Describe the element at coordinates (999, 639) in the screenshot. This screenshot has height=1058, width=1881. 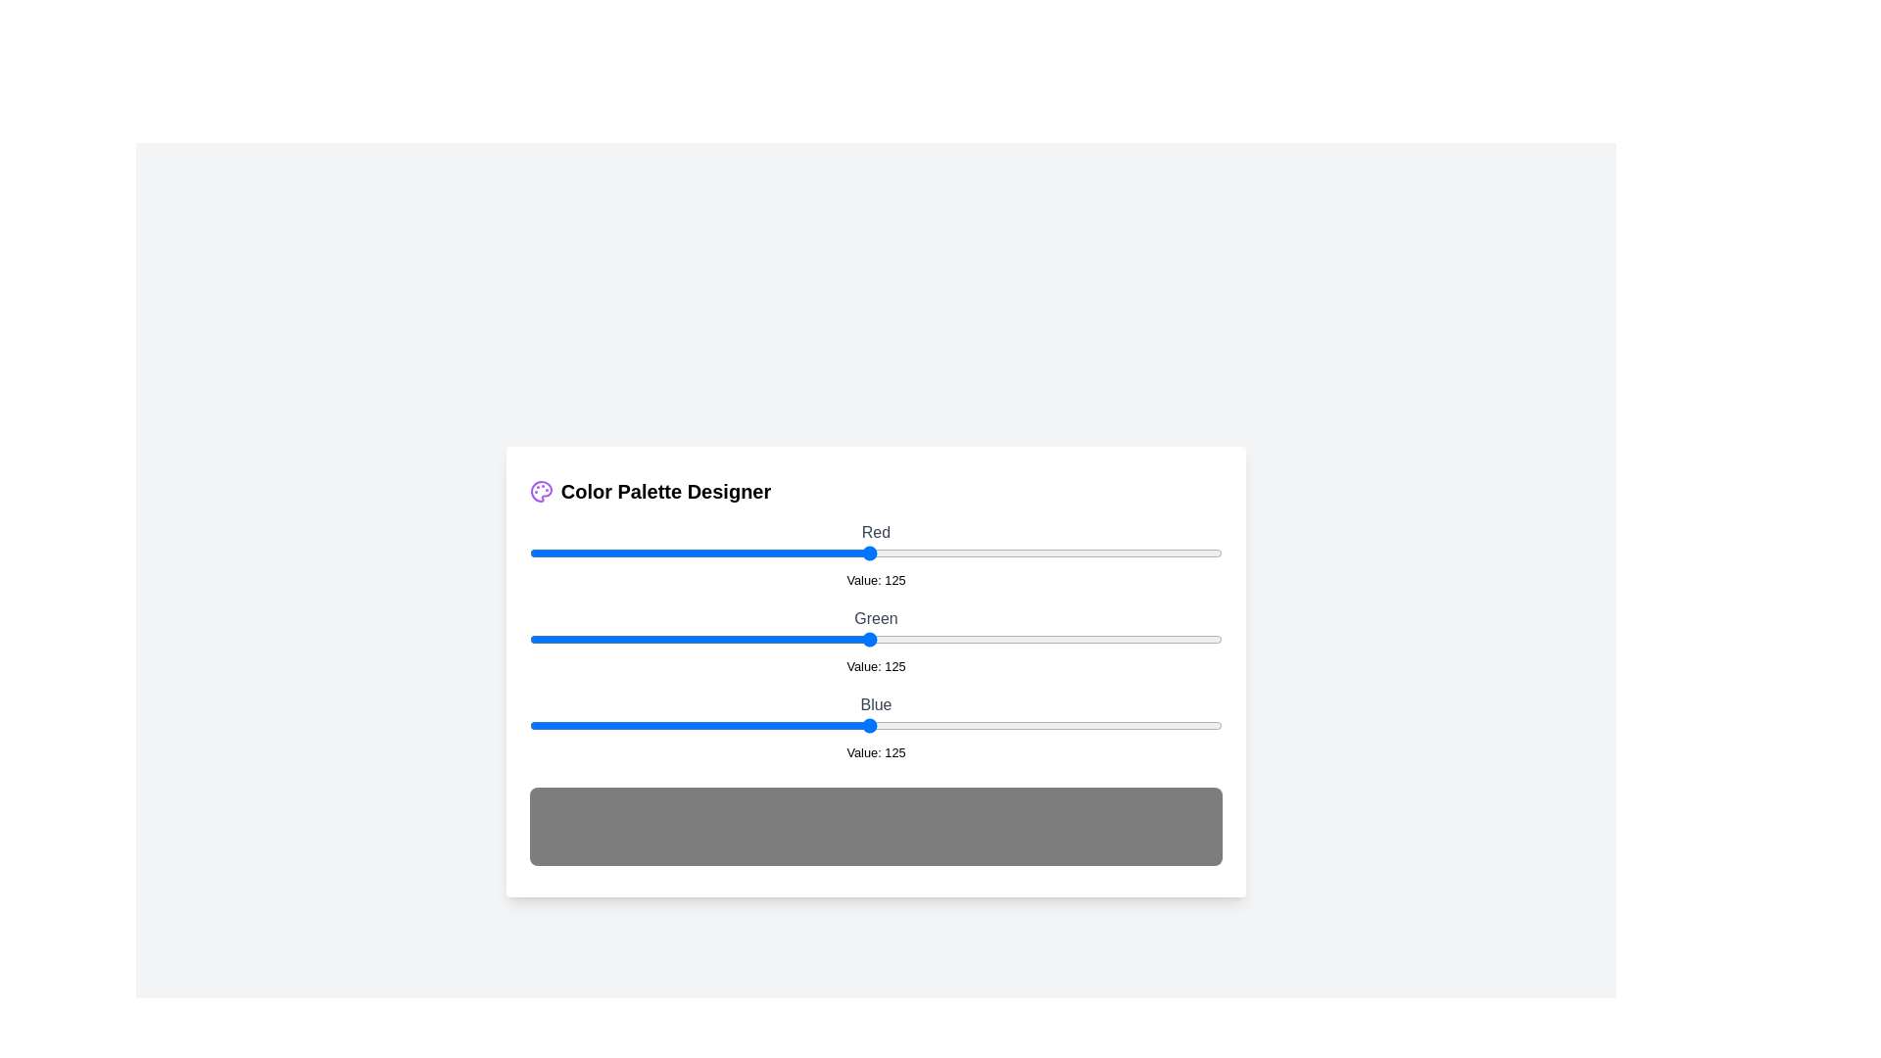
I see `the 1 slider to 173` at that location.